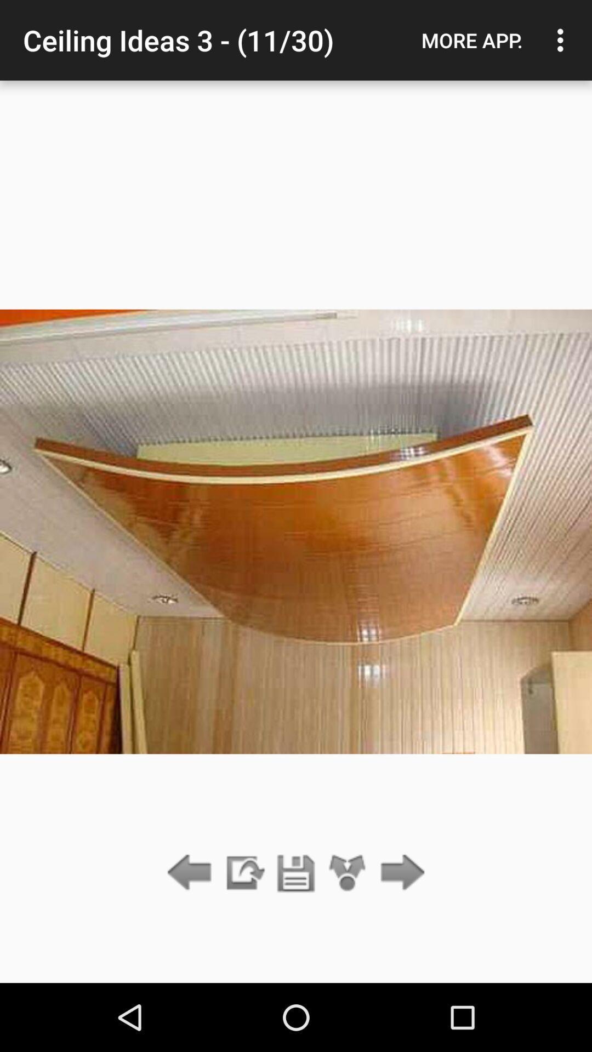  What do you see at coordinates (563, 40) in the screenshot?
I see `the icon next to the more app. icon` at bounding box center [563, 40].